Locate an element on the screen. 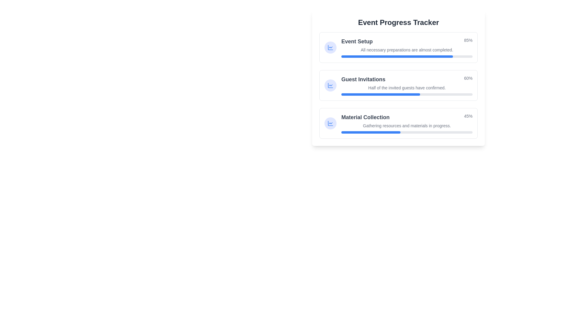  the static text element that reads 'All necessary preparations are almost completed.' located below the 'Event Setup' header is located at coordinates (407, 49).